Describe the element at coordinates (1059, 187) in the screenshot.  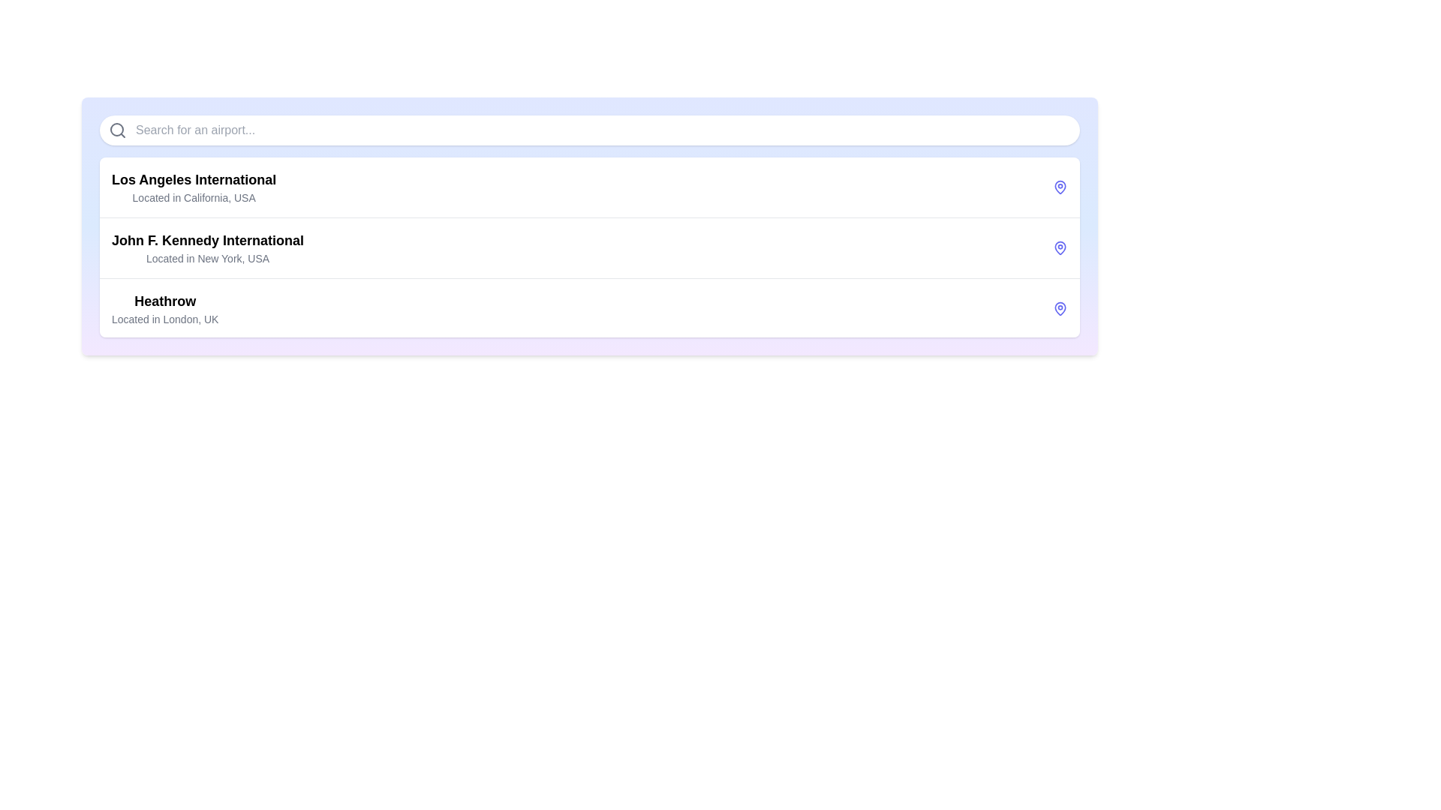
I see `the indigo map pin icon located to the far right of the 'Los Angeles International' list entry` at that location.